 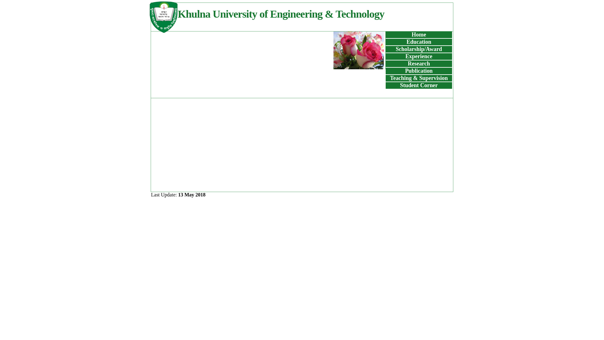 What do you see at coordinates (419, 77) in the screenshot?
I see `'Teaching & Supervision'` at bounding box center [419, 77].